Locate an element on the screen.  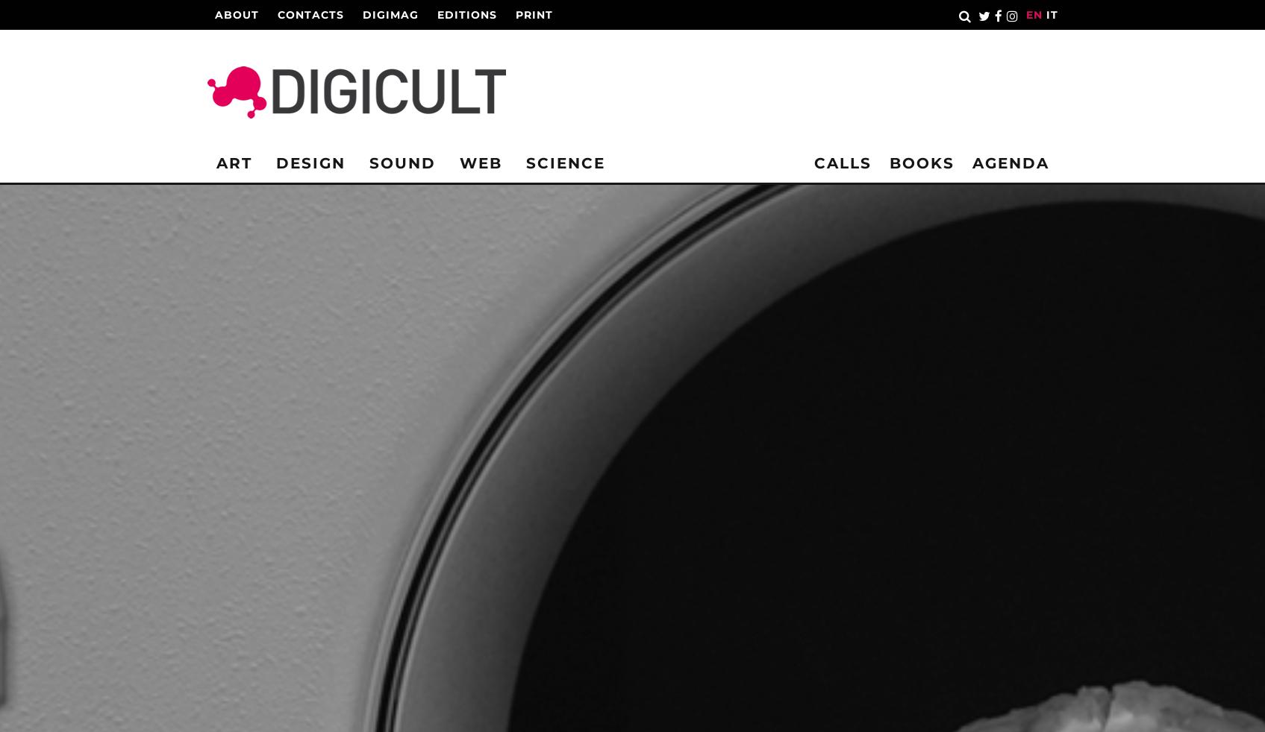
'Editions' is located at coordinates (436, 14).